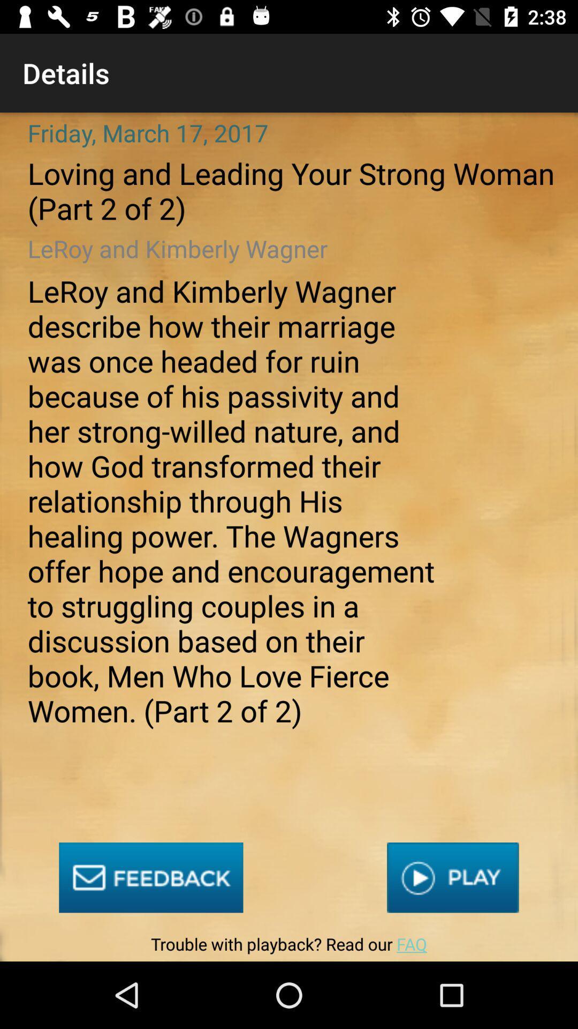 The height and width of the screenshot is (1029, 578). I want to click on the trouble with playback icon, so click(289, 946).